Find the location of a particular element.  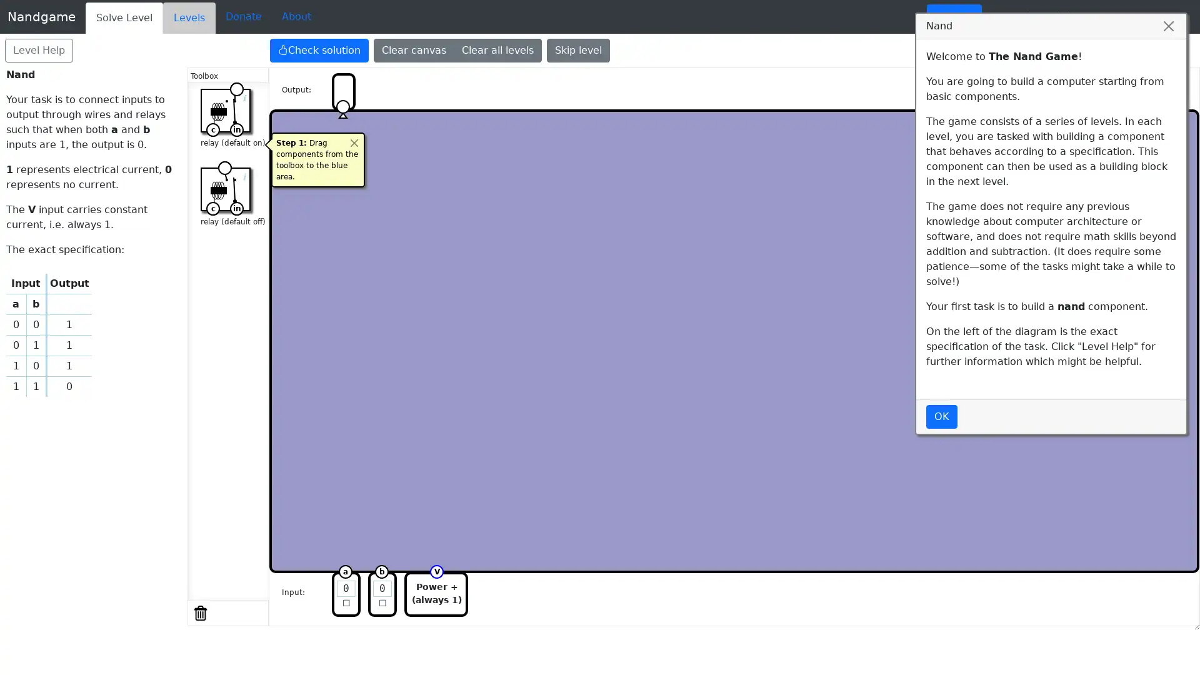

Close is located at coordinates (1168, 26).